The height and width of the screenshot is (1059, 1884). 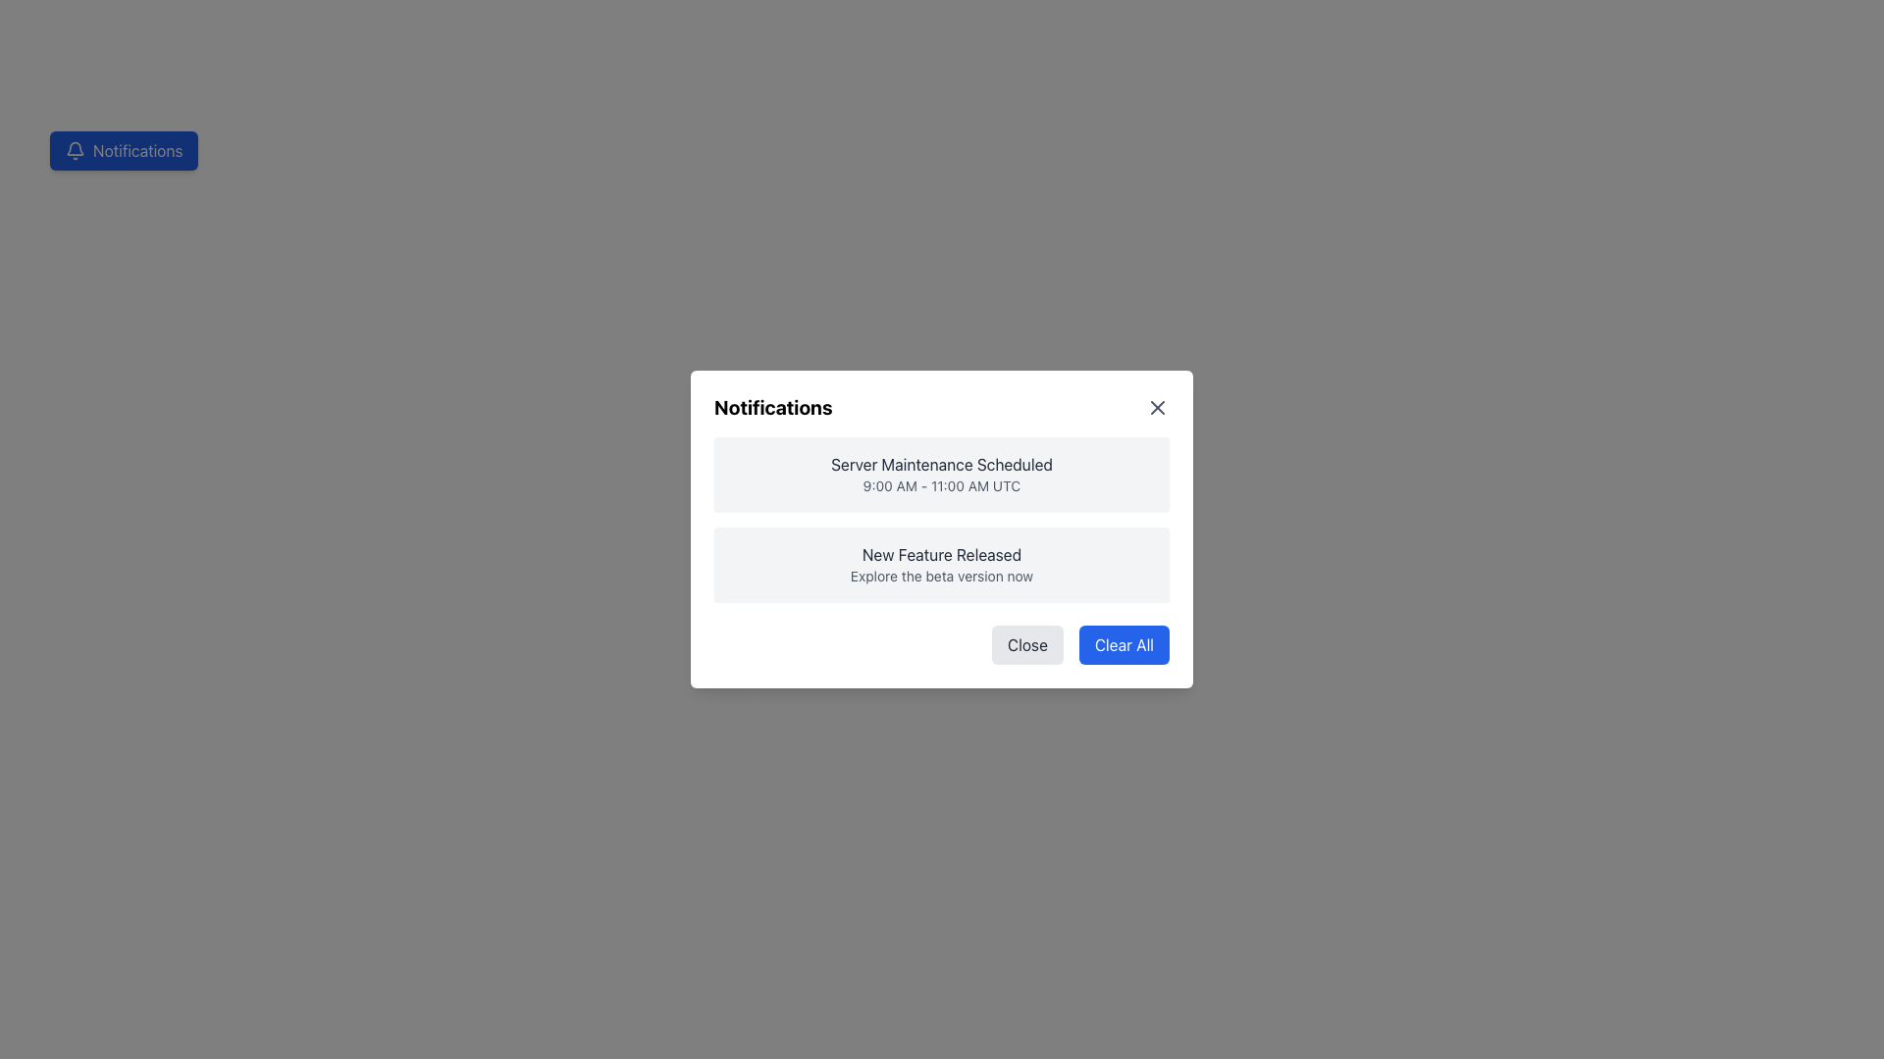 What do you see at coordinates (1158, 407) in the screenshot?
I see `the 'X' icon at the top-right corner of the notification dialog` at bounding box center [1158, 407].